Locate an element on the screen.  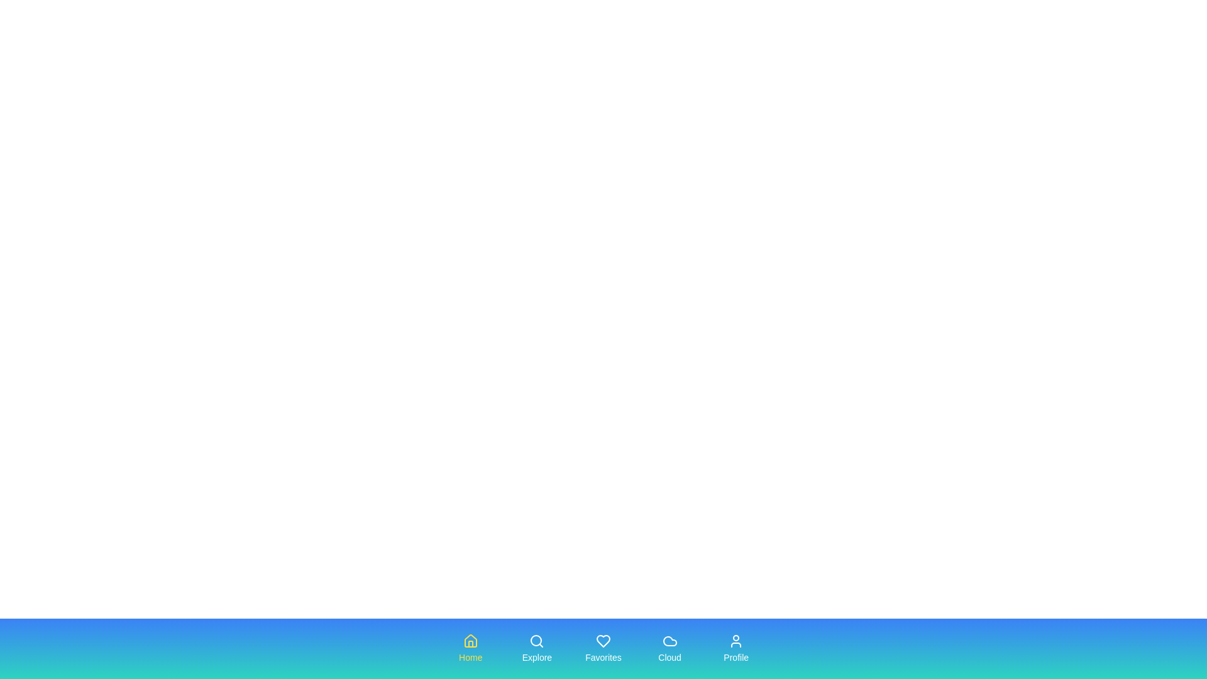
the tab labeled Home to observe its hover effect is located at coordinates (470, 649).